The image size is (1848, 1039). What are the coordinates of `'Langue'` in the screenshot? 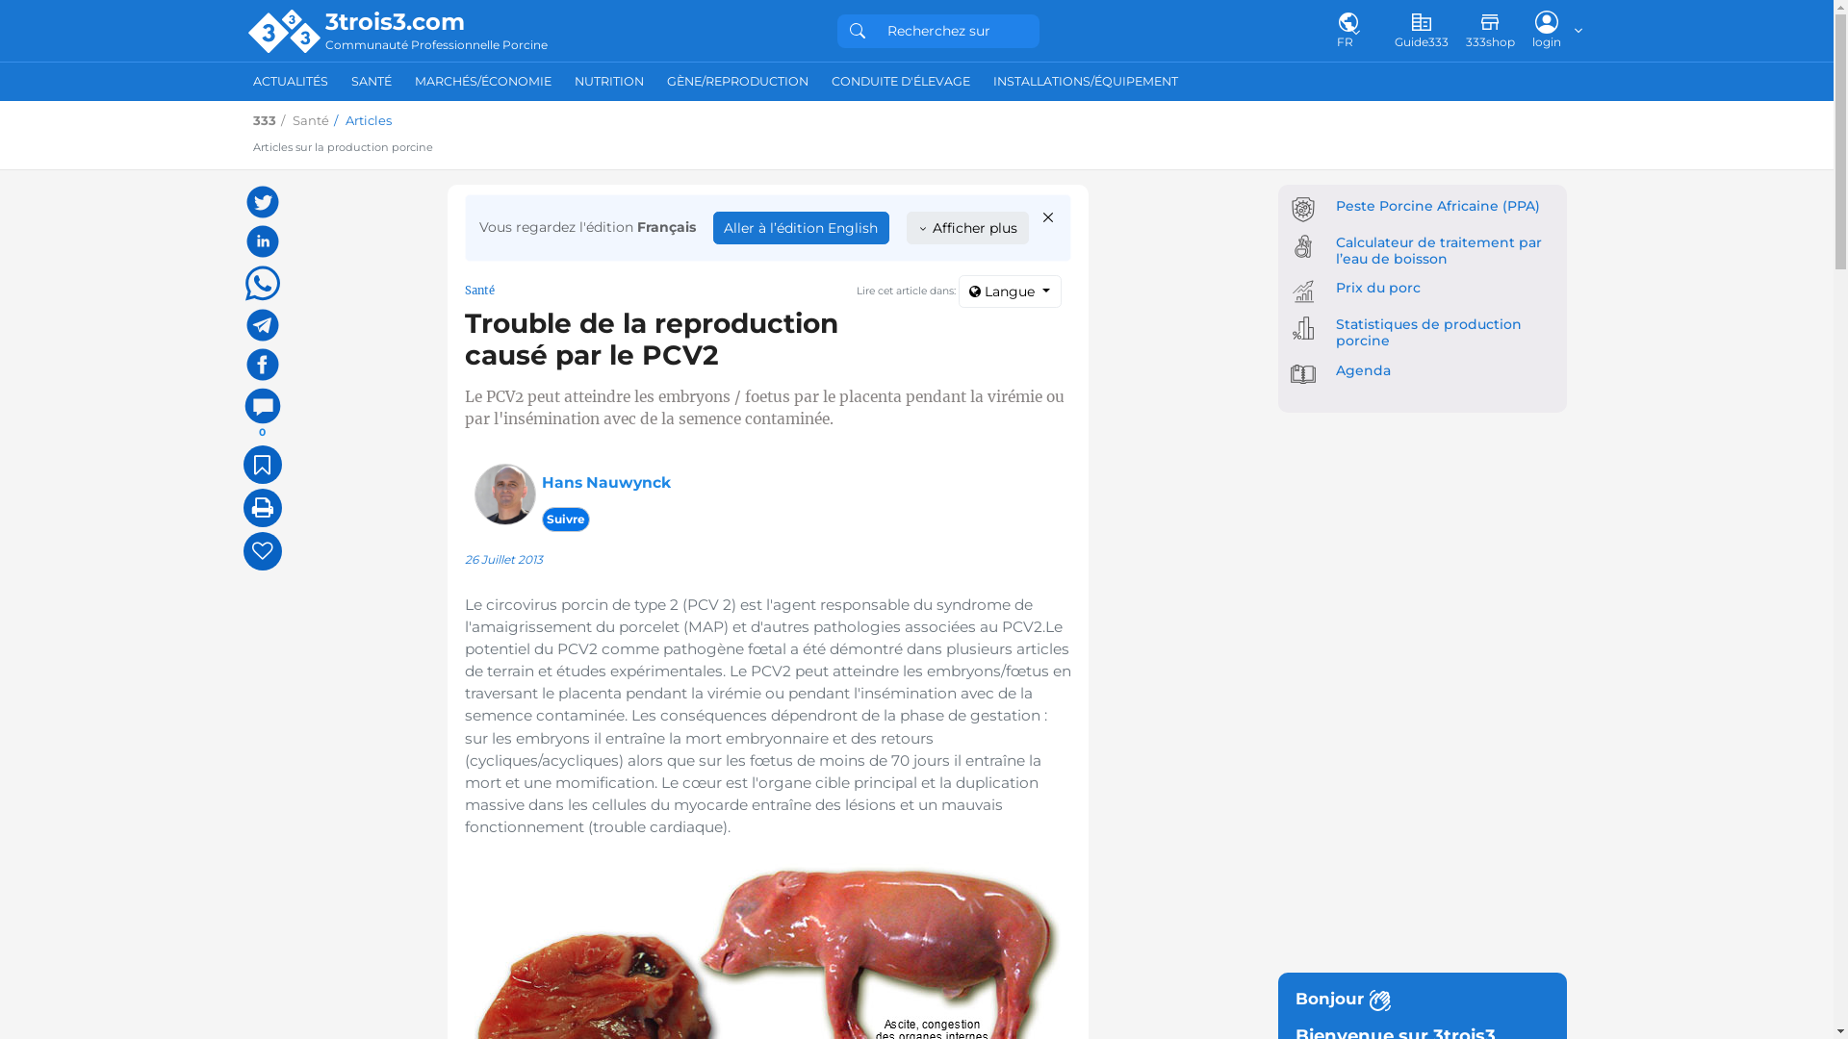 It's located at (1009, 291).